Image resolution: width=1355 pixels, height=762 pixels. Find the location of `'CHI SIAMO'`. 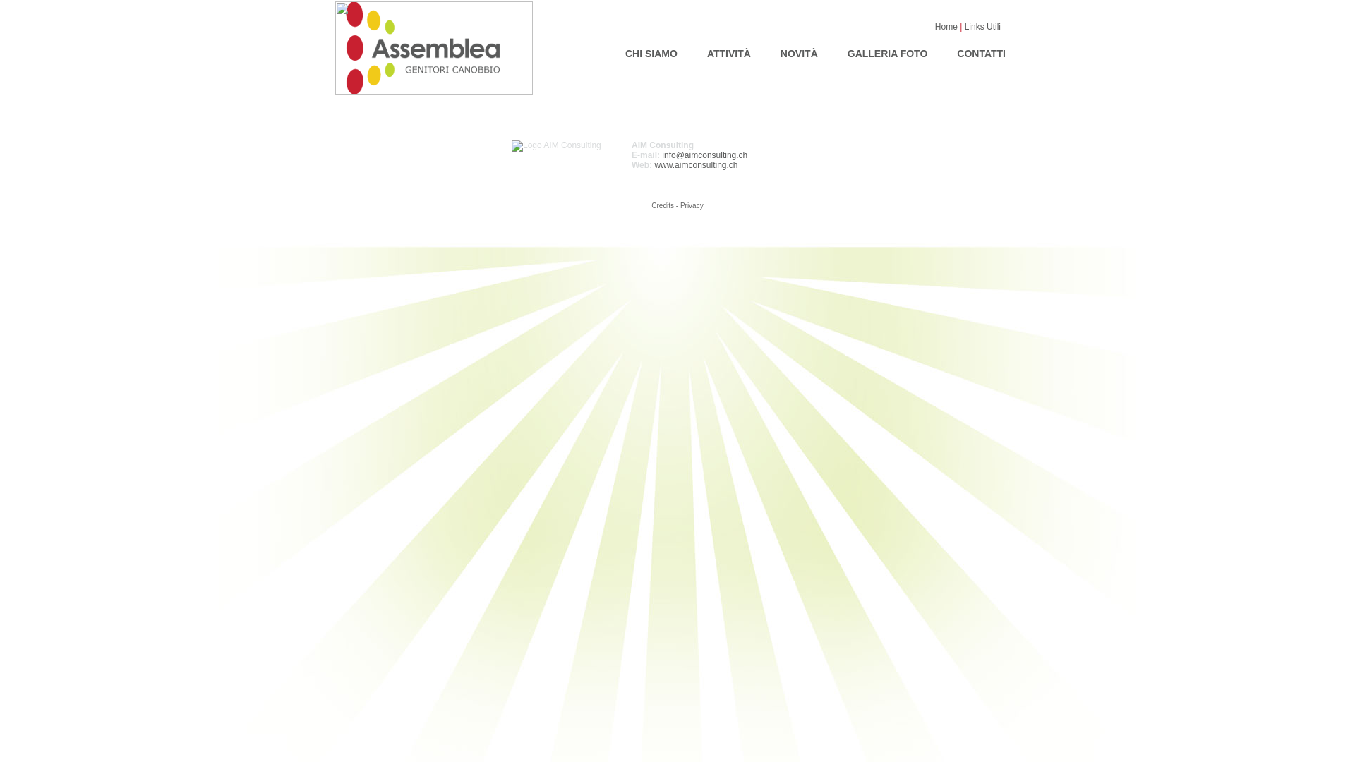

'CHI SIAMO' is located at coordinates (650, 51).